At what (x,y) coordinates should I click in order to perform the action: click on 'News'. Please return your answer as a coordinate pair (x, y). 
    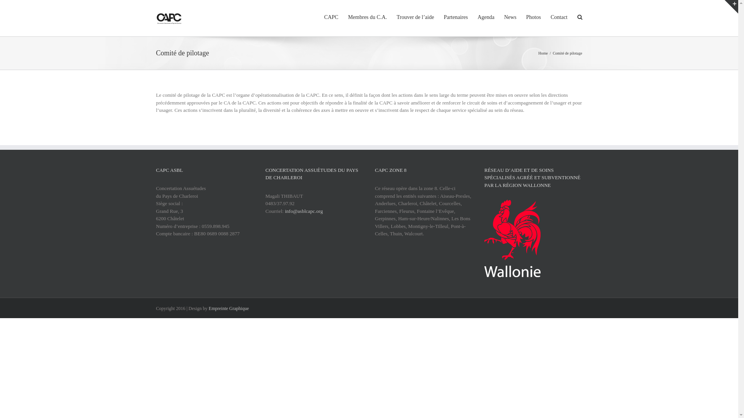
    Looking at the image, I should click on (510, 16).